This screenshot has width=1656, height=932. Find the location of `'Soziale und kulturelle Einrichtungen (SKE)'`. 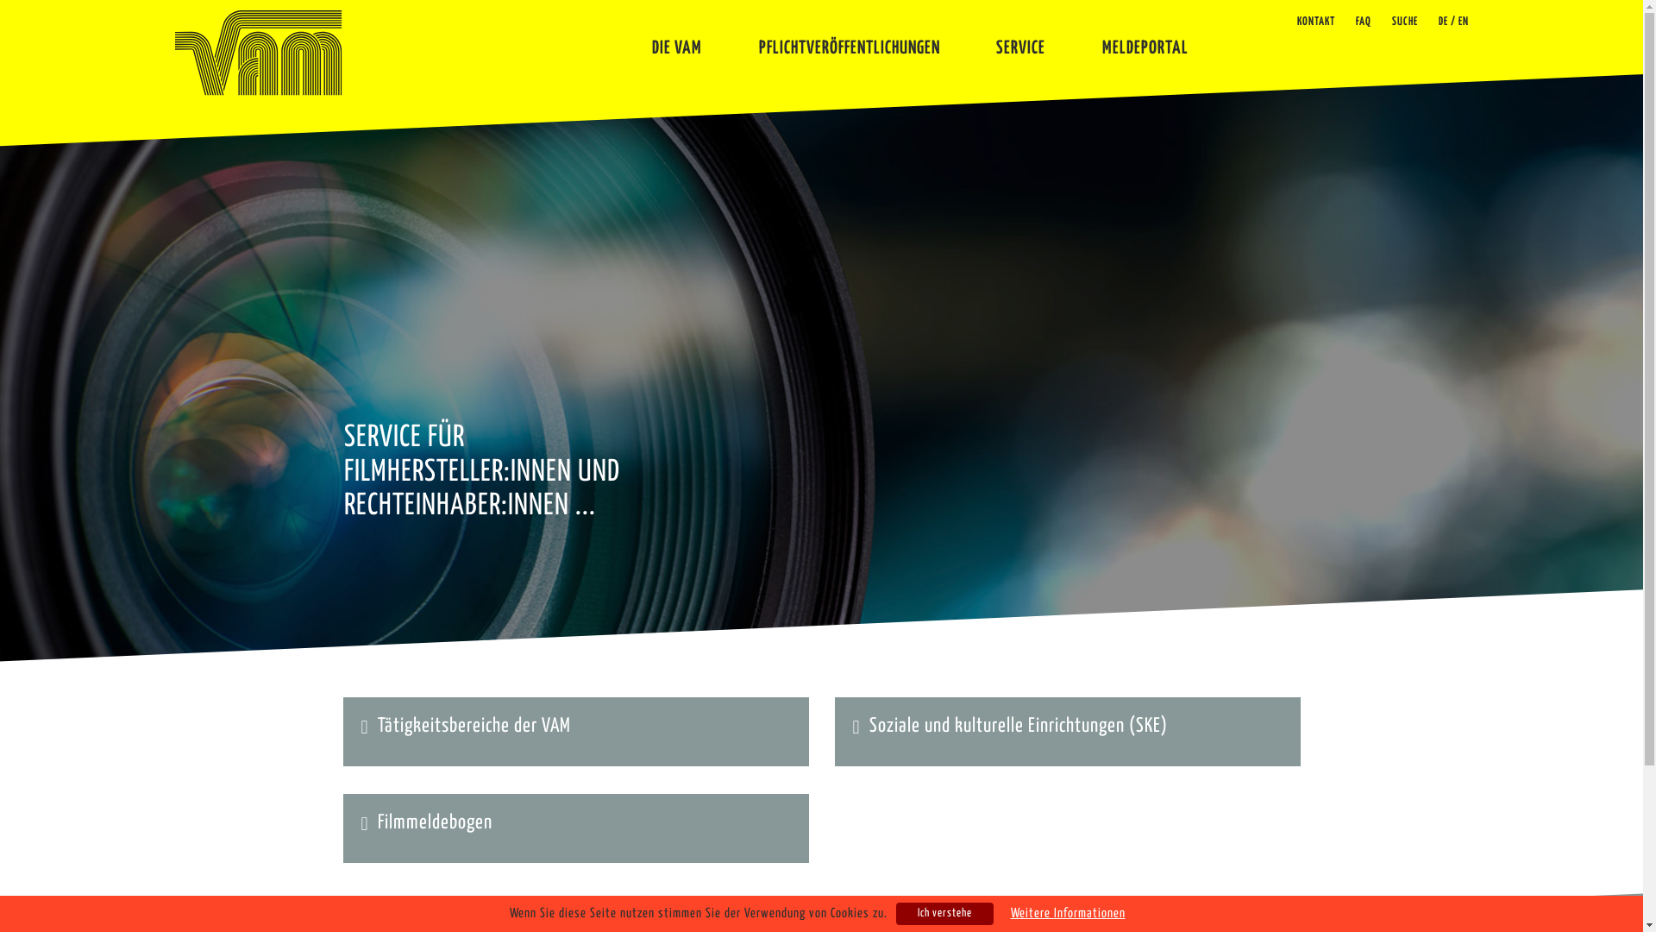

'Soziale und kulturelle Einrichtungen (SKE)' is located at coordinates (1018, 726).